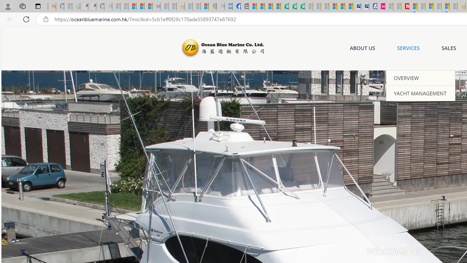 The width and height of the screenshot is (467, 263). What do you see at coordinates (221, 48) in the screenshot?
I see `'Ocean Blue Marine'` at bounding box center [221, 48].